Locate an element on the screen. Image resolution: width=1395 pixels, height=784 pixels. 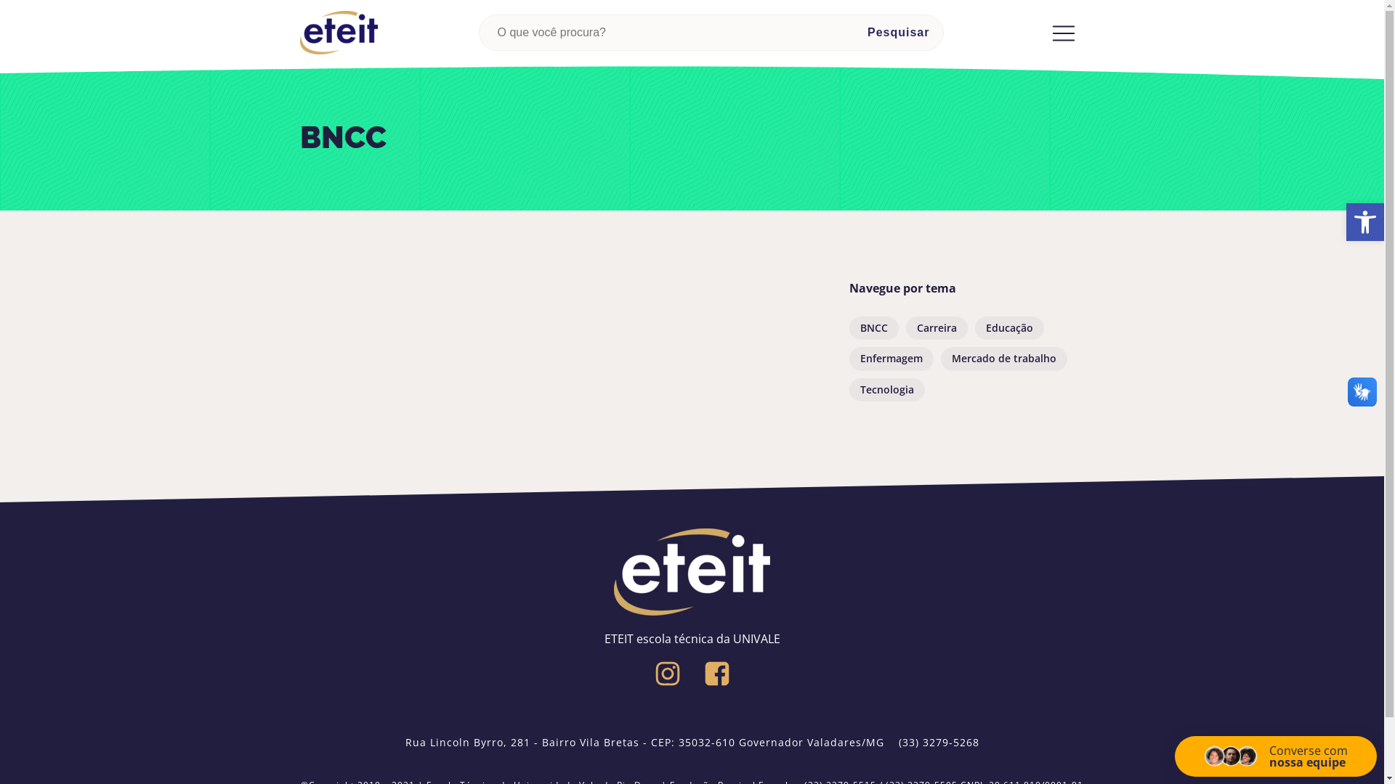
'Carreira' is located at coordinates (936, 327).